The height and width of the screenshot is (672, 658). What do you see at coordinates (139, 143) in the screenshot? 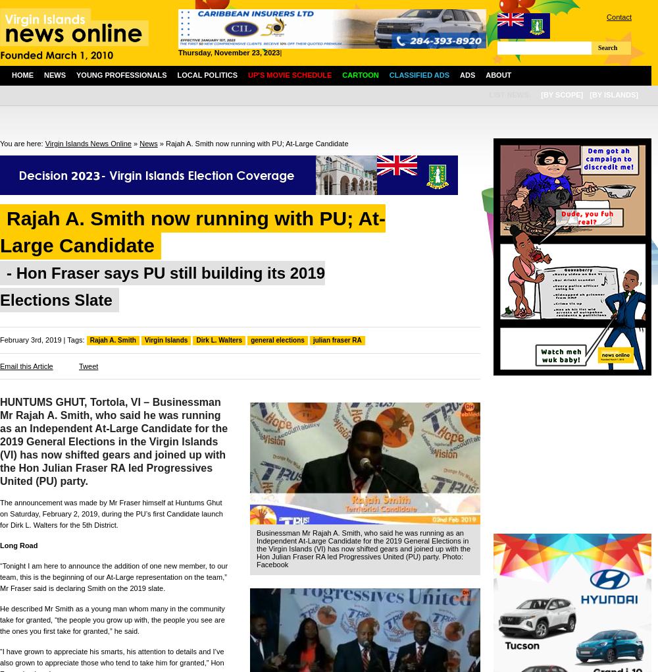
I see `'News'` at bounding box center [139, 143].